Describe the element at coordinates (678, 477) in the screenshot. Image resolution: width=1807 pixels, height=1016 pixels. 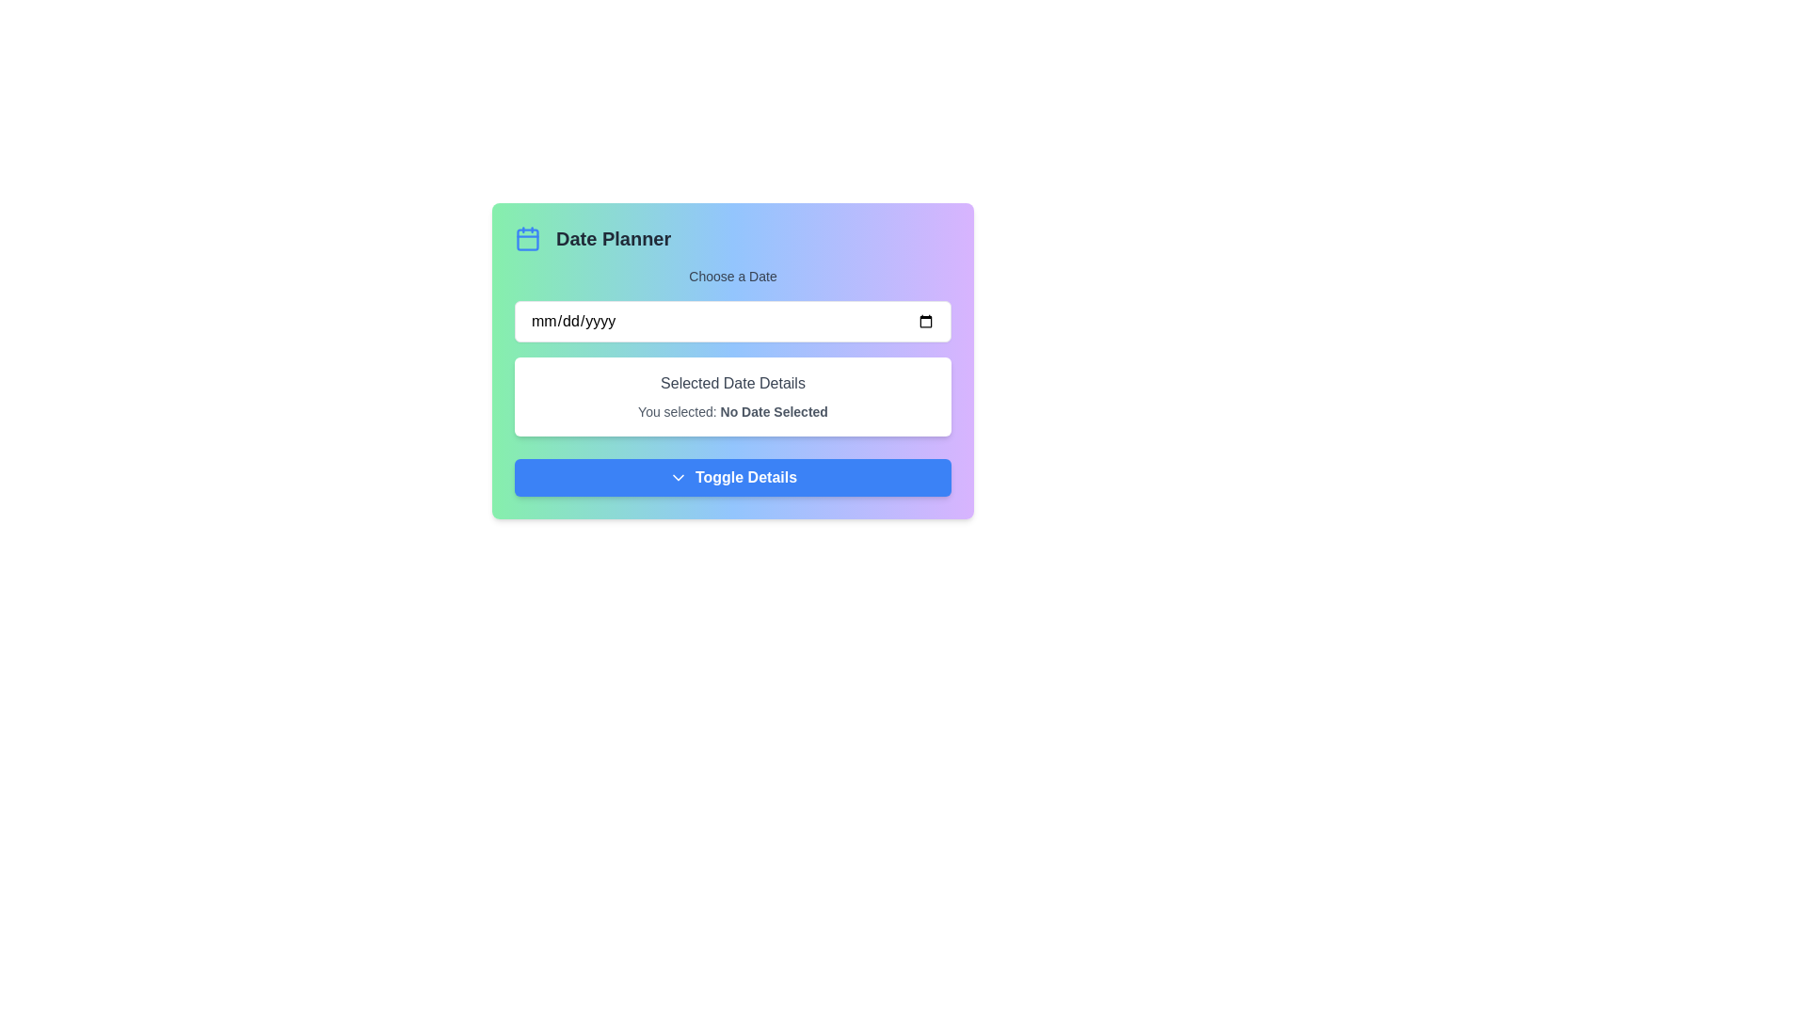
I see `the directional indicator icon located to the left of the text label within the 'Toggle Details' button at the bottom of the Date Planner widget` at that location.